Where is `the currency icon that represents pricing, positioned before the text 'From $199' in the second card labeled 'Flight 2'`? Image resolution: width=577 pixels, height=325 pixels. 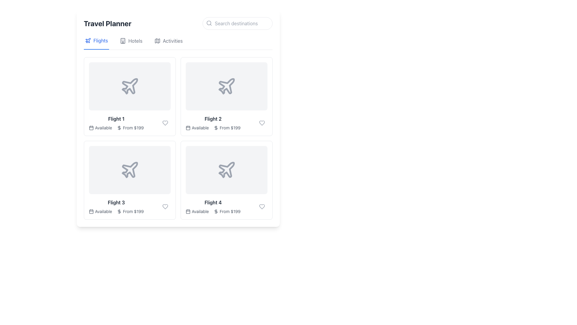 the currency icon that represents pricing, positioned before the text 'From $199' in the second card labeled 'Flight 2' is located at coordinates (216, 127).